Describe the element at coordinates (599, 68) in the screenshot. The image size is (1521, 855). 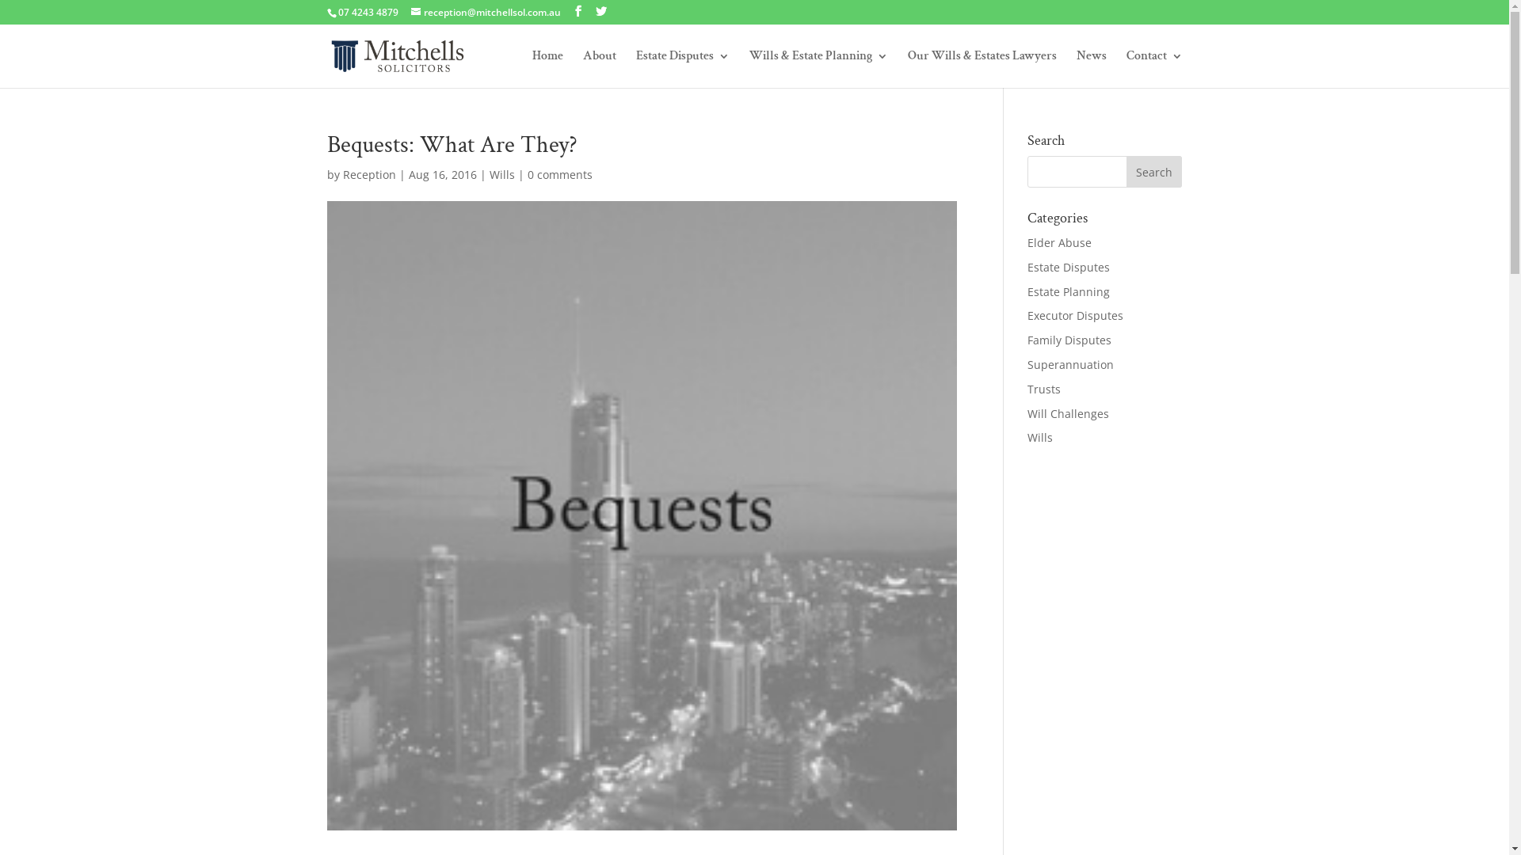
I see `'About'` at that location.